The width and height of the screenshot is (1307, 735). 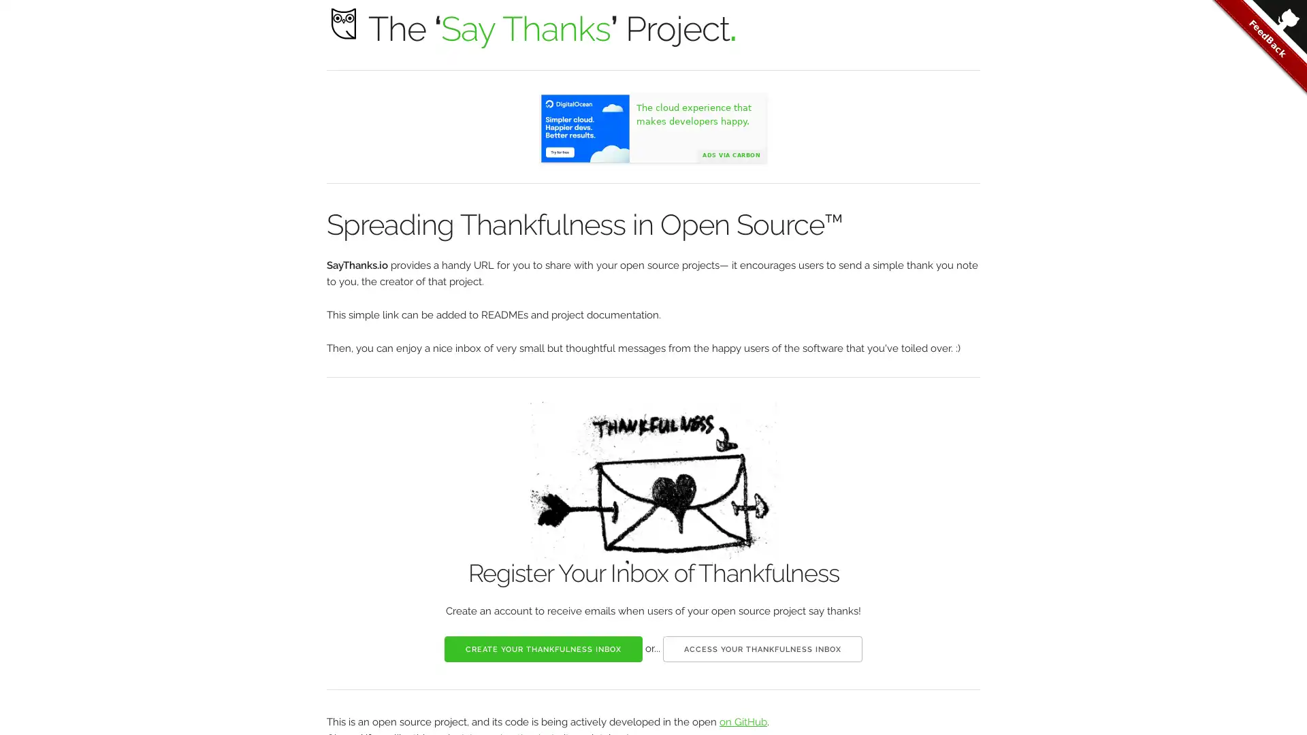 I want to click on CREATE YOUR THANKFULNESS INBOX, so click(x=543, y=647).